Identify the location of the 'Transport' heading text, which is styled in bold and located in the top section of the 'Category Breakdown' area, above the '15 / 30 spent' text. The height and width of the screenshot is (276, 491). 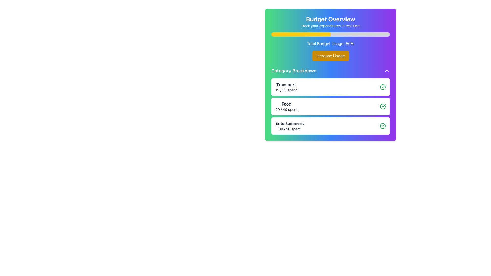
(286, 84).